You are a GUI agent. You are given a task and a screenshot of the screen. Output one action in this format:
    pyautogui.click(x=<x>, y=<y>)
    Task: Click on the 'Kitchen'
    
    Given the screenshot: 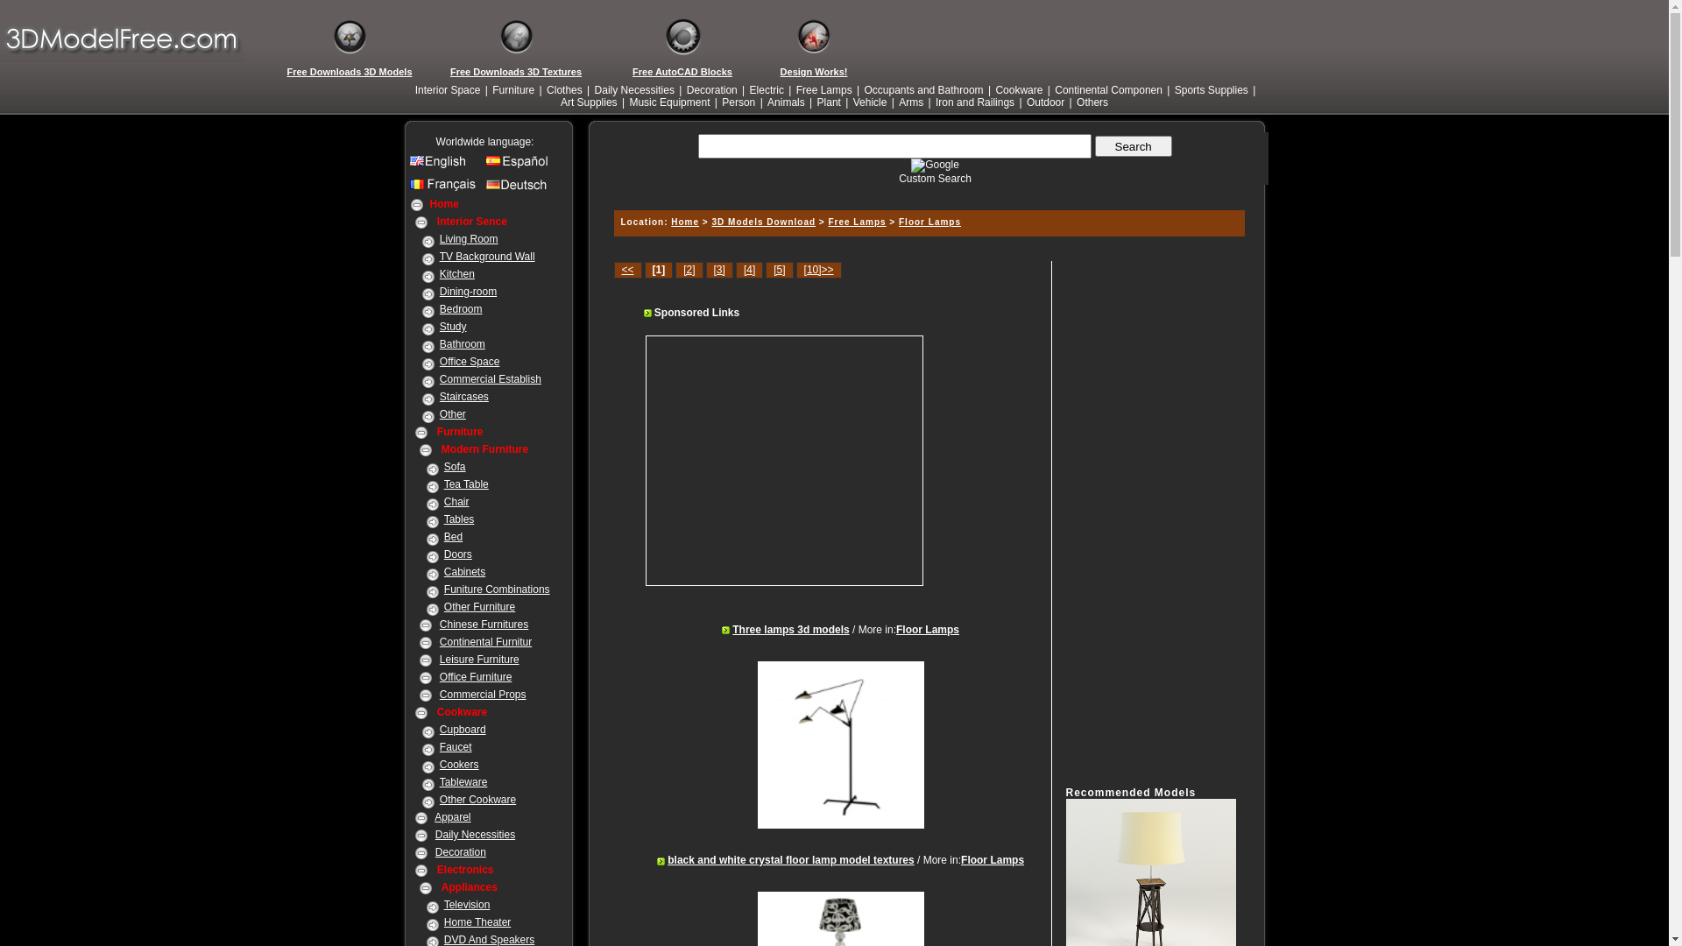 What is the action you would take?
    pyautogui.click(x=457, y=273)
    